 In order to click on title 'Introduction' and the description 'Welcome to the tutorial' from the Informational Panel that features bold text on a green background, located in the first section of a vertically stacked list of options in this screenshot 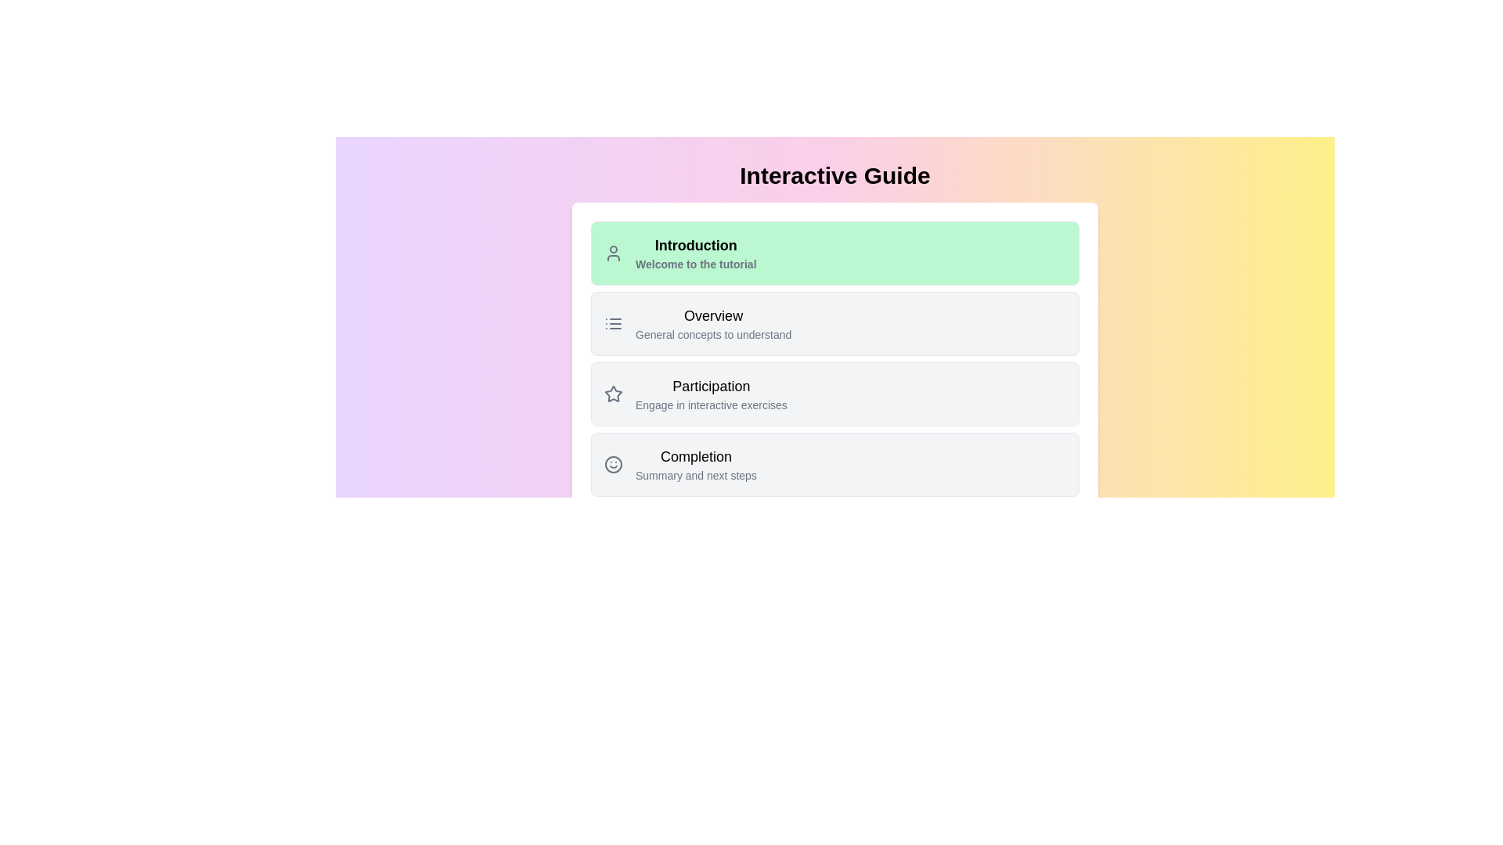, I will do `click(695, 253)`.